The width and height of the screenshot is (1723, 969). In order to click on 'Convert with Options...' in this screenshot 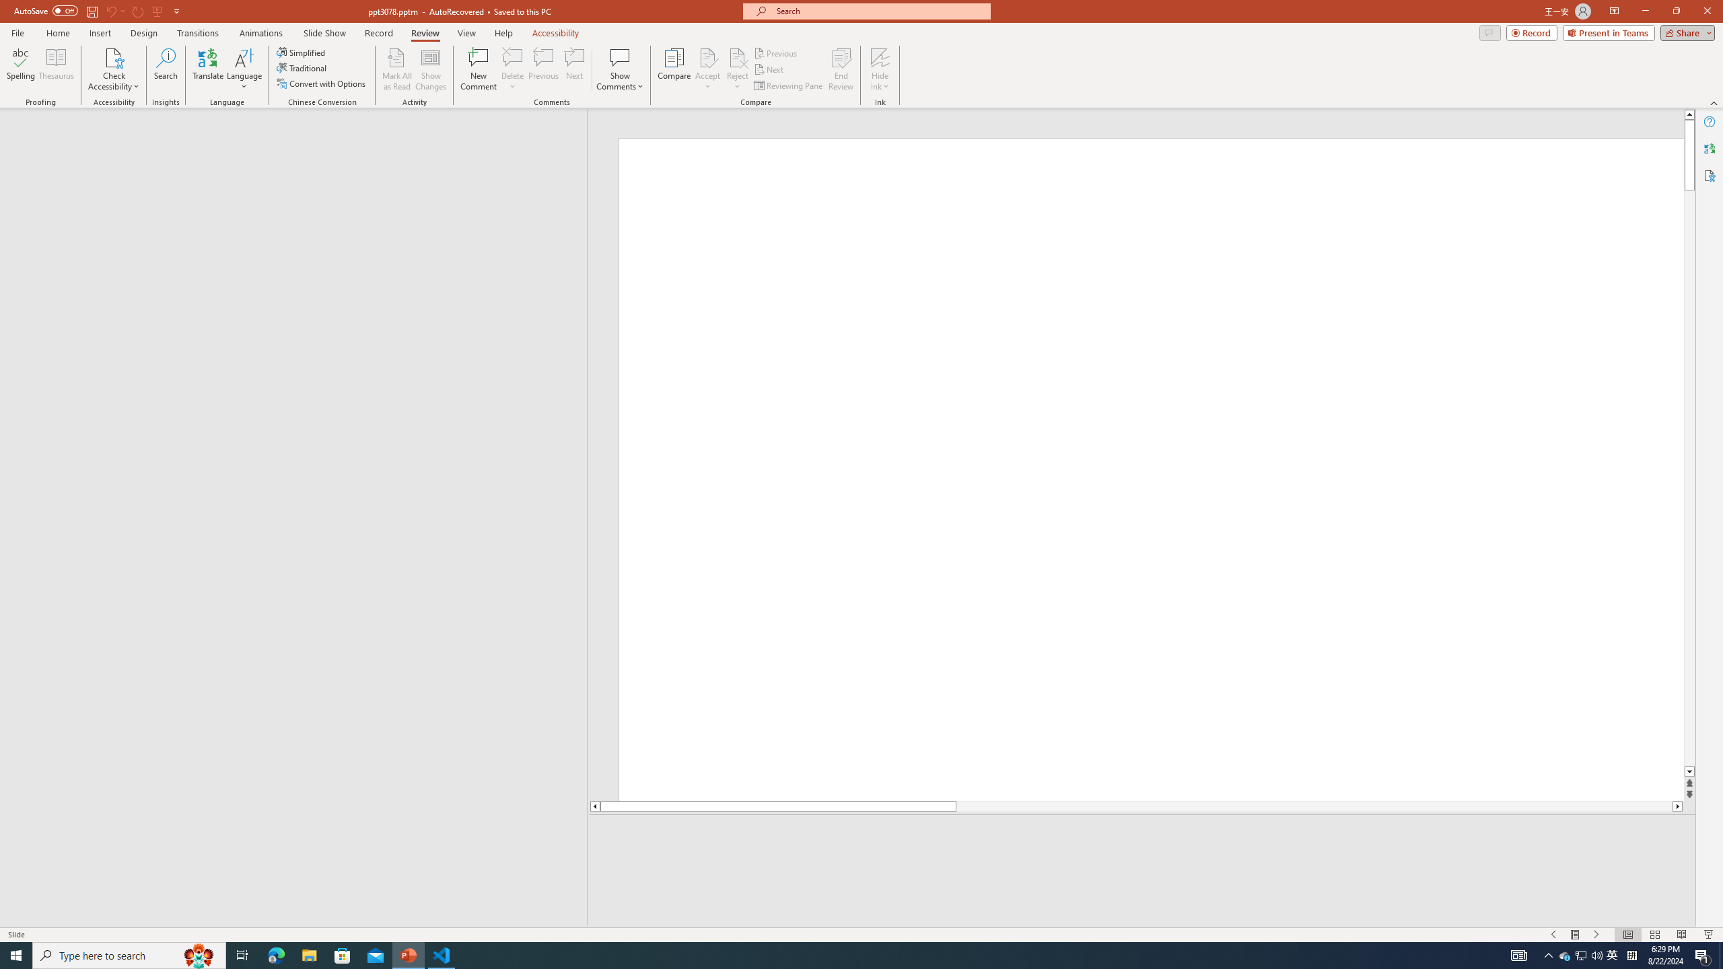, I will do `click(321, 82)`.